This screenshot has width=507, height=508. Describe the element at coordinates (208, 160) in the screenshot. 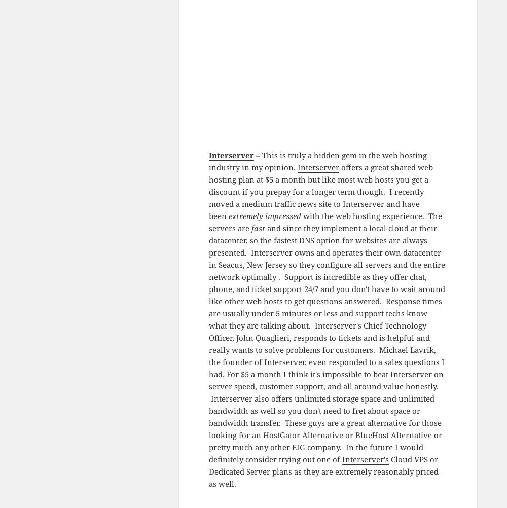

I see `'This is truly a hidden gem in the web hosting industry in my opinion.'` at that location.